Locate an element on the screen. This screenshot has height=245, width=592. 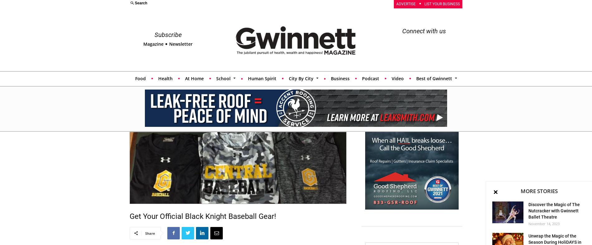
'Get Your Official Black Knight Baseball Gear!' is located at coordinates (203, 216).